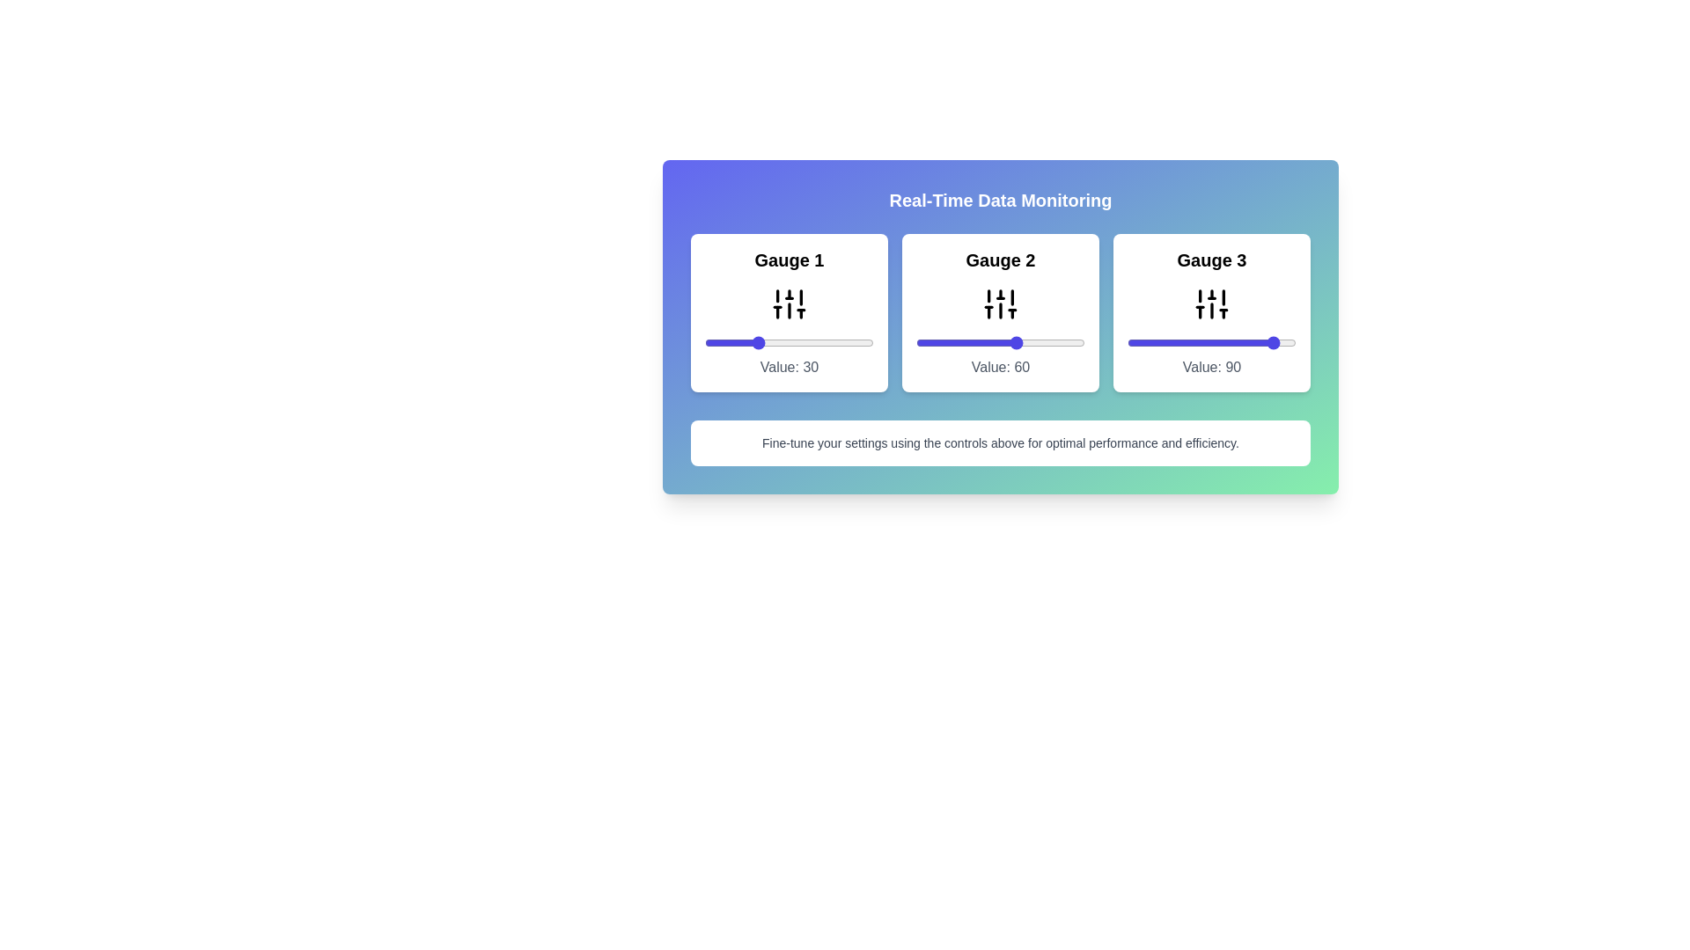 The image size is (1690, 950). What do you see at coordinates (1063, 342) in the screenshot?
I see `the 'Gauge 2' slider` at bounding box center [1063, 342].